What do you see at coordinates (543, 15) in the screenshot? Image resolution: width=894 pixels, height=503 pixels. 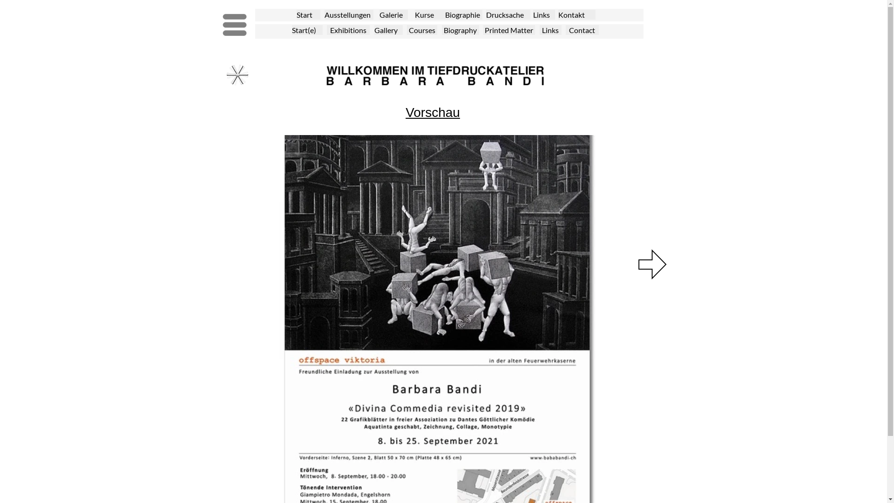 I see `'Links'` at bounding box center [543, 15].